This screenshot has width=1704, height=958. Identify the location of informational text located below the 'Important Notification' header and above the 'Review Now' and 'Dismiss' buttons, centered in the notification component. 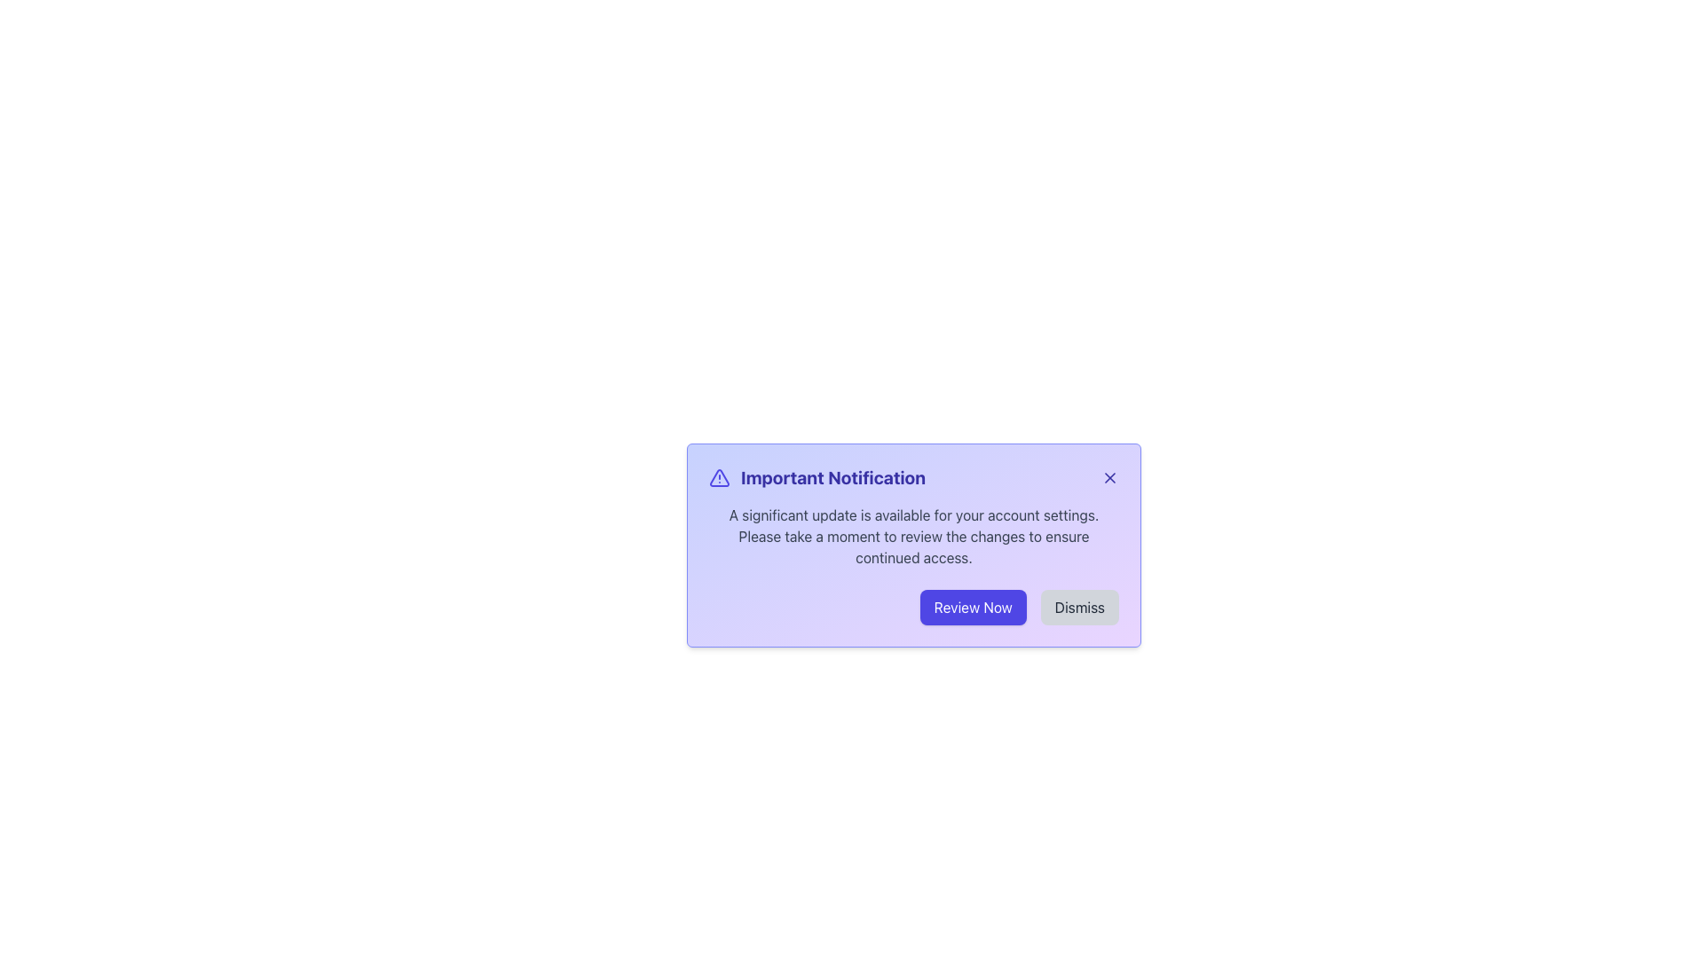
(914, 536).